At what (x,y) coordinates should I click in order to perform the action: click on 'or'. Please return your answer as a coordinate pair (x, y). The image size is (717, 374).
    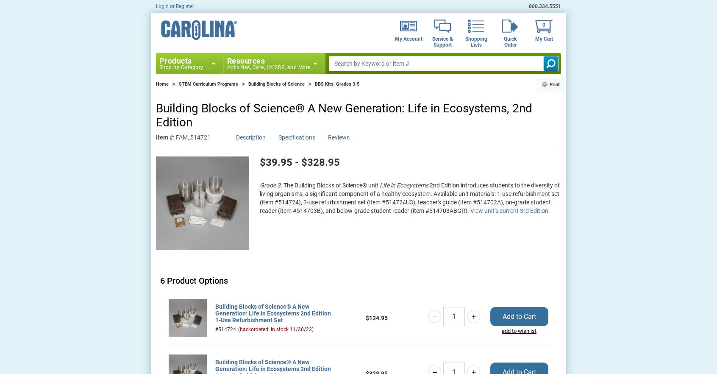
    Looking at the image, I should click on (172, 6).